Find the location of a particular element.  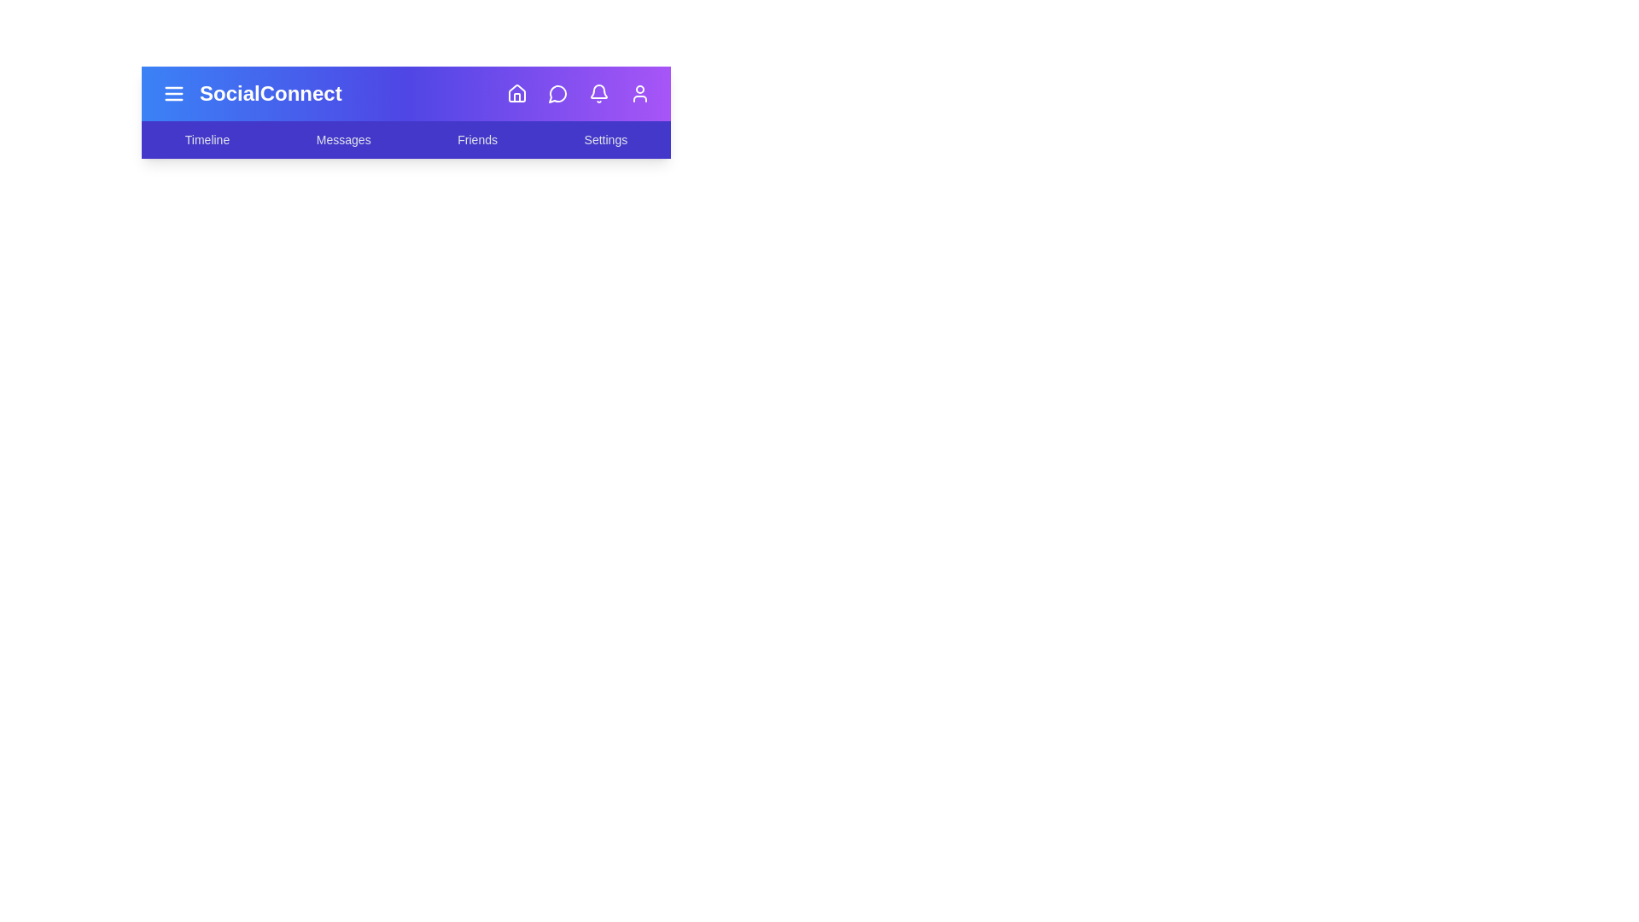

the User Icon to observe visual effects is located at coordinates (639, 94).